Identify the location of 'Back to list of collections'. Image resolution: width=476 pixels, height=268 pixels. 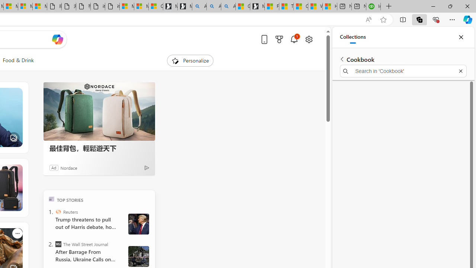
(342, 59).